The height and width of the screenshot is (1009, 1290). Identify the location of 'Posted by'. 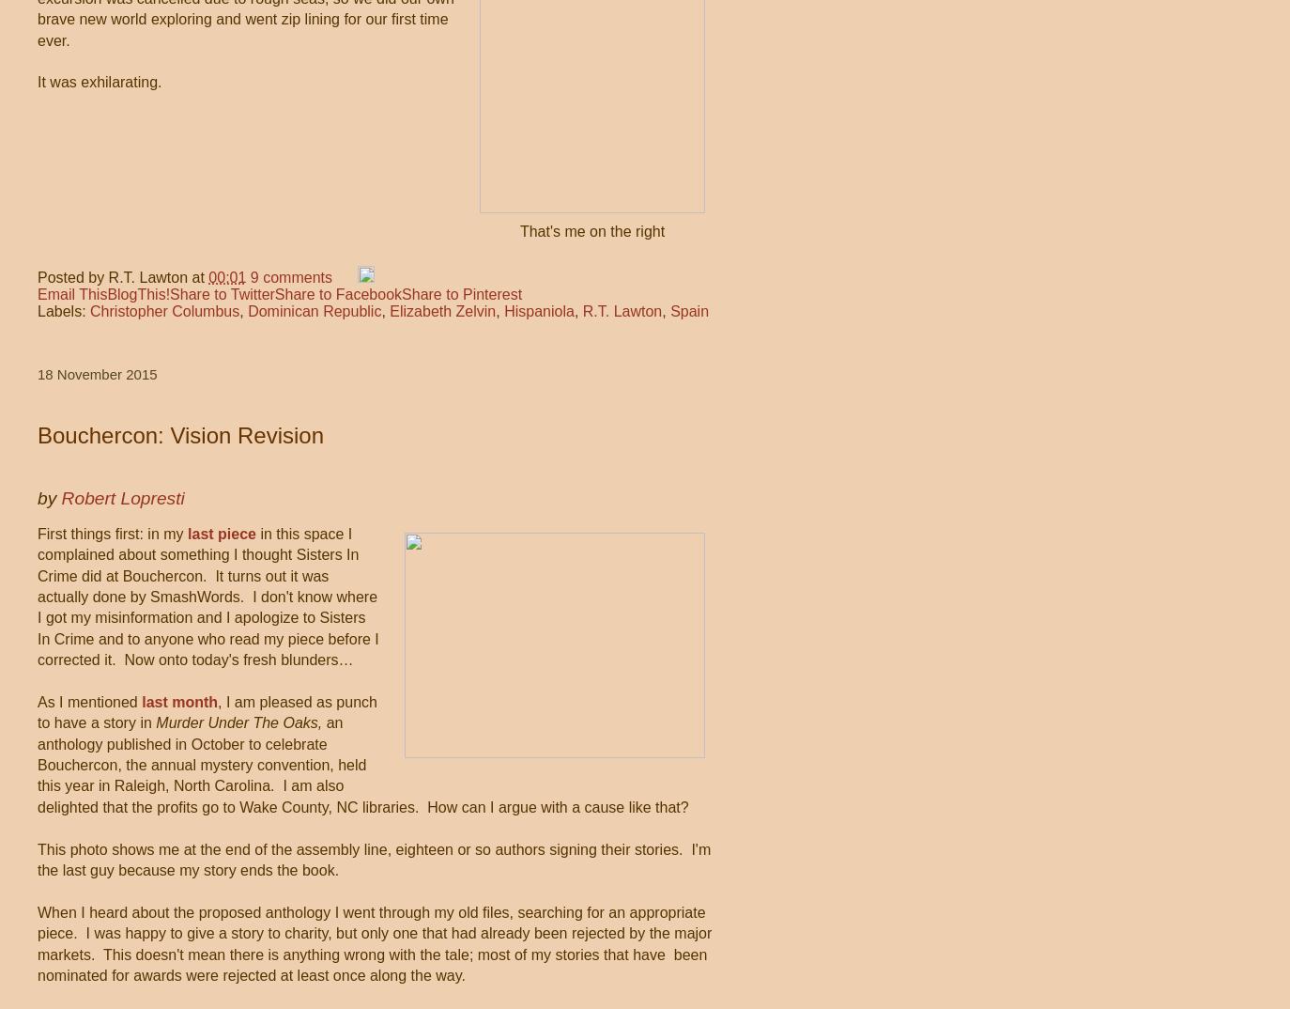
(71, 276).